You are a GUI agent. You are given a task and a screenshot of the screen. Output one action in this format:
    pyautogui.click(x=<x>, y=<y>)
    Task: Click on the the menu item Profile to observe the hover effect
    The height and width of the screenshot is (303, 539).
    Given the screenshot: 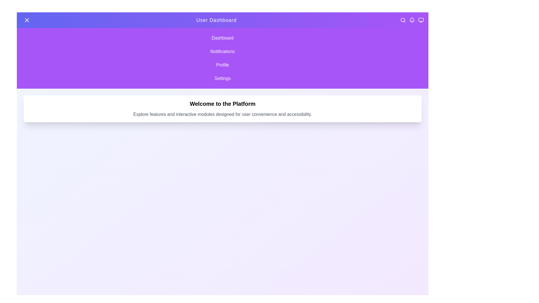 What is the action you would take?
    pyautogui.click(x=222, y=65)
    